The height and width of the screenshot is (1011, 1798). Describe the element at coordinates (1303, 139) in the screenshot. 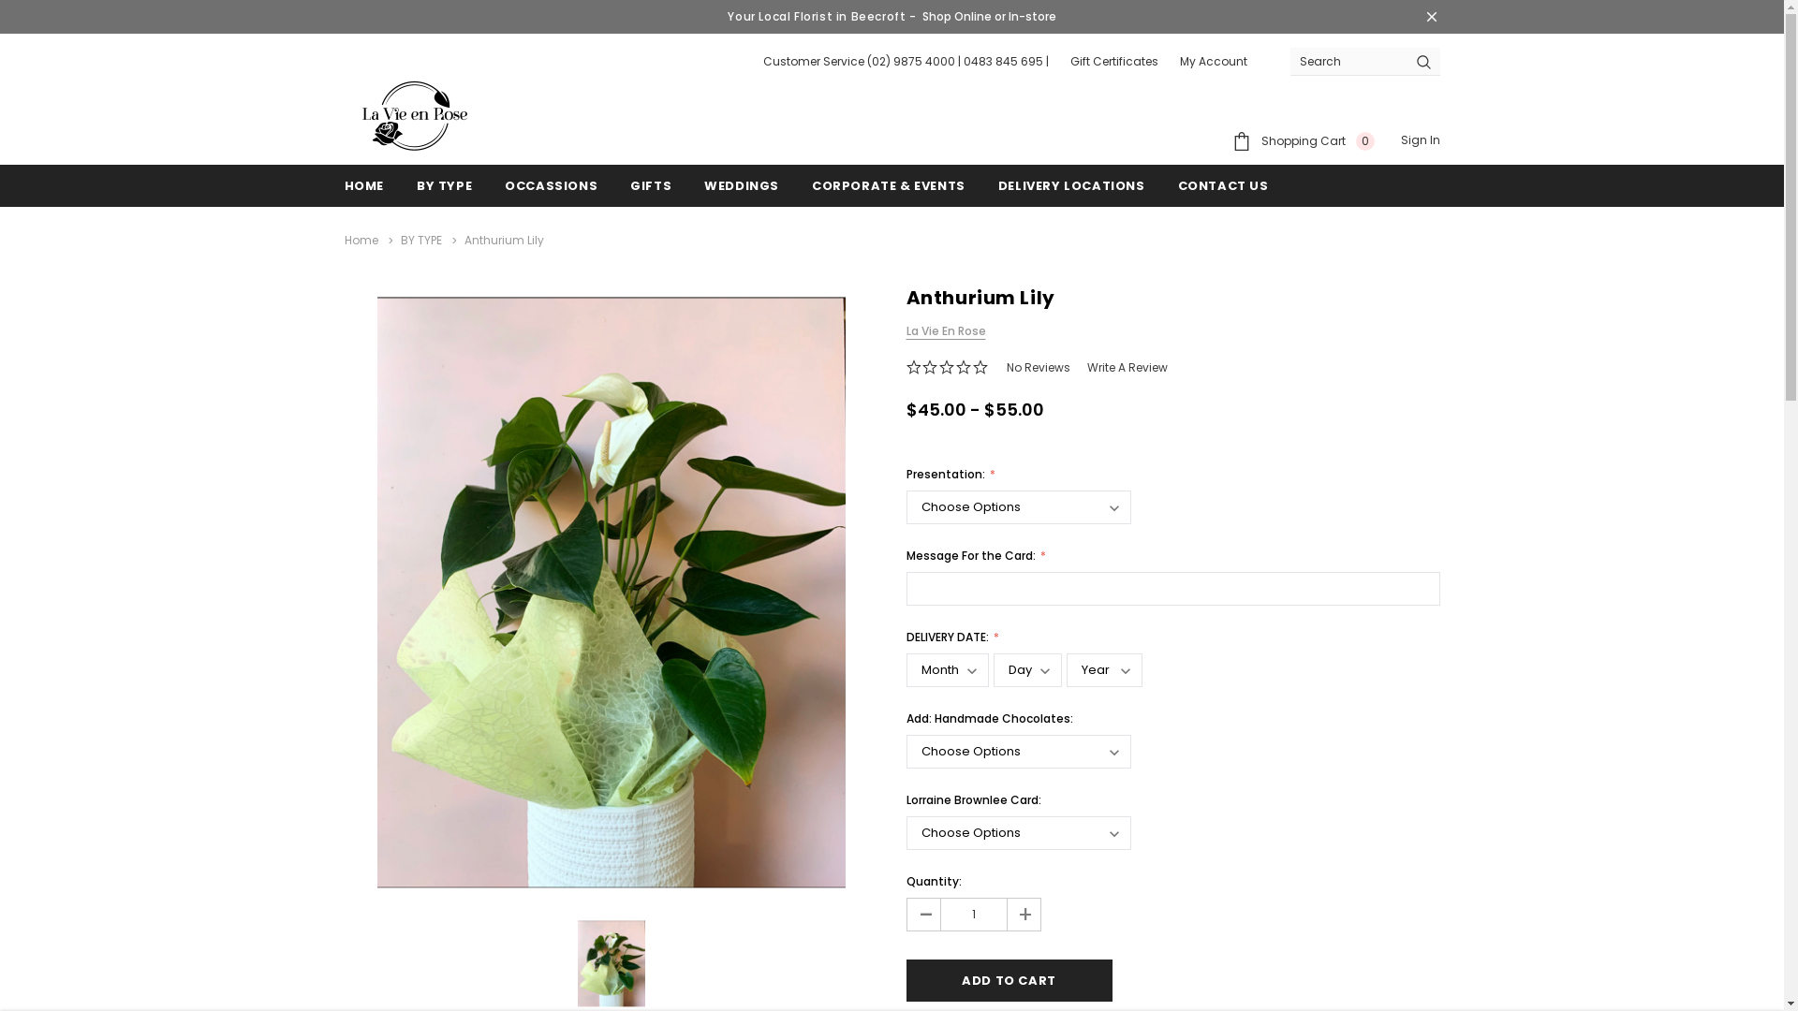

I see `'Shopping Cart 0'` at that location.